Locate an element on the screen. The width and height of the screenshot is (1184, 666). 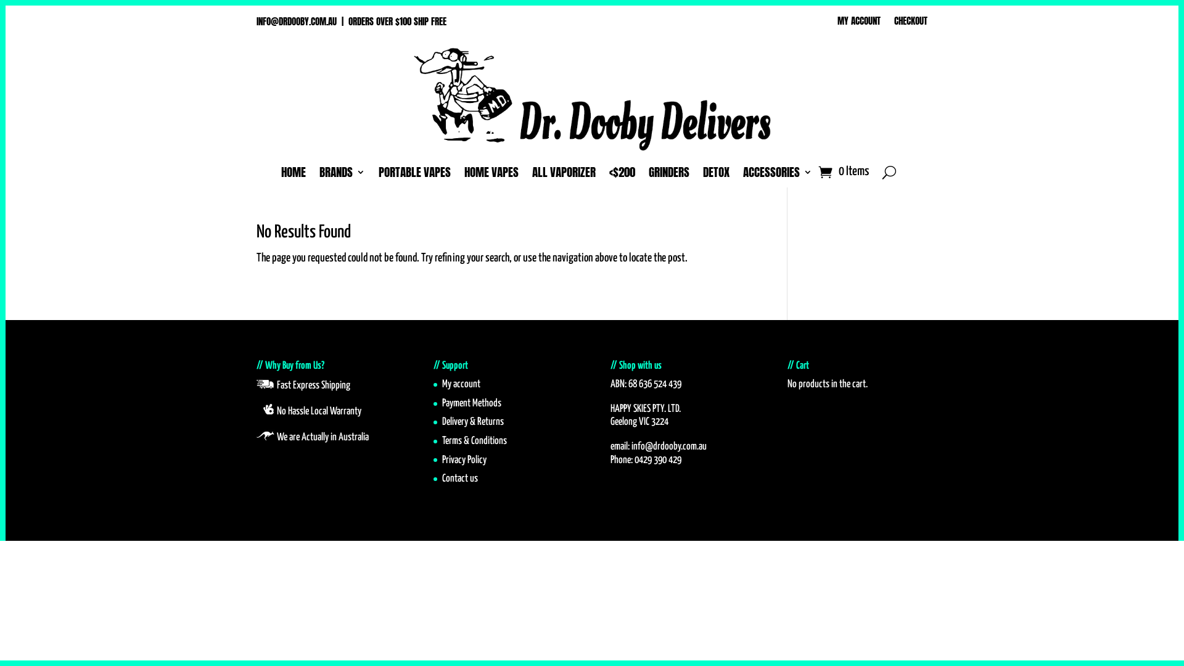
'0 Items' is located at coordinates (843, 171).